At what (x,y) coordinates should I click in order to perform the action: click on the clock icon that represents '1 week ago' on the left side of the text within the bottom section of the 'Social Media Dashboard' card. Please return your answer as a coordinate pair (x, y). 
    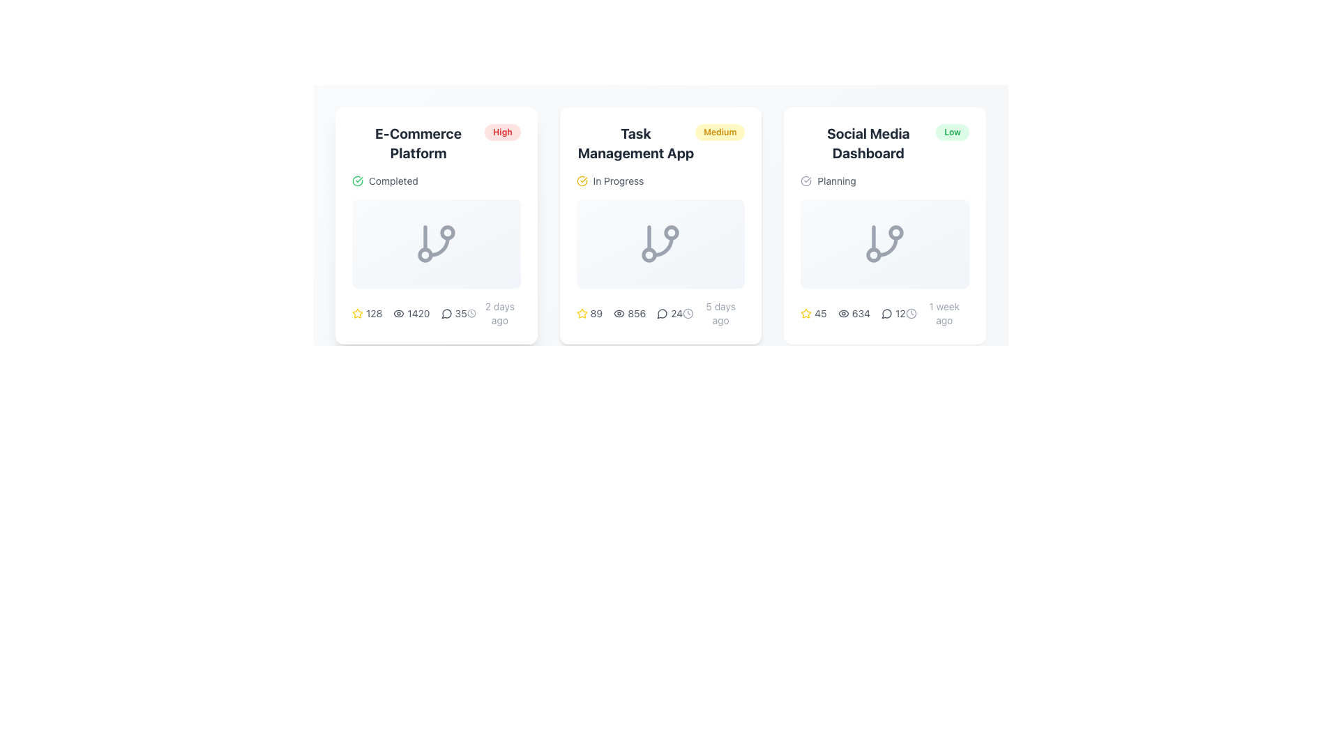
    Looking at the image, I should click on (911, 314).